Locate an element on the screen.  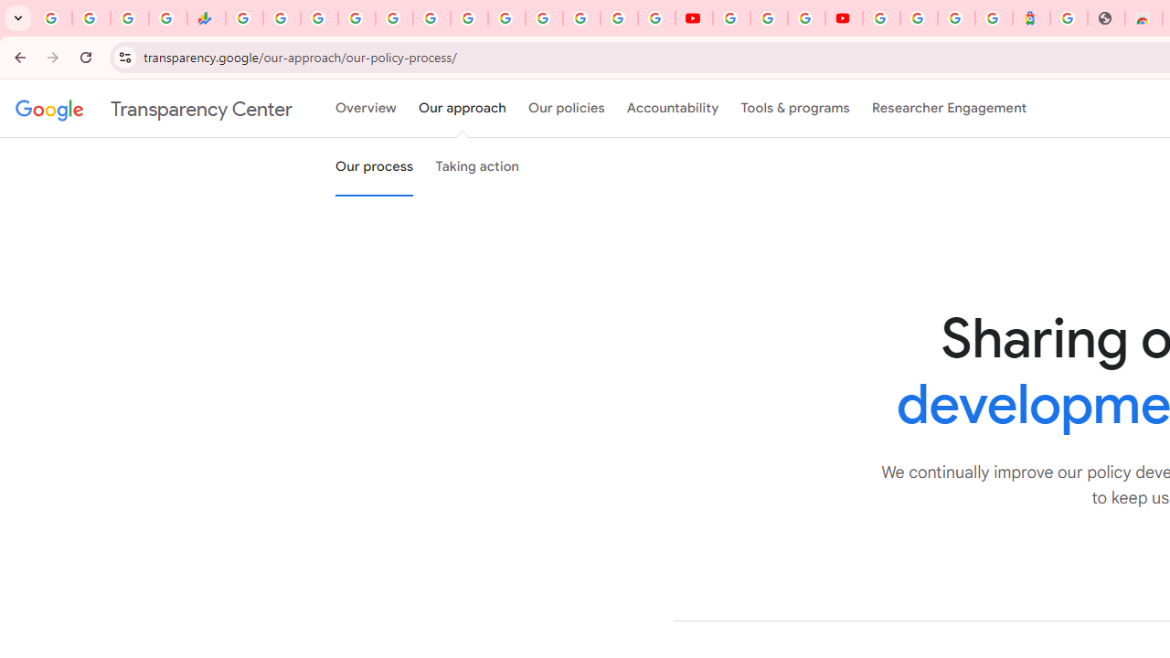
'Sign in - Google Accounts' is located at coordinates (881, 18).